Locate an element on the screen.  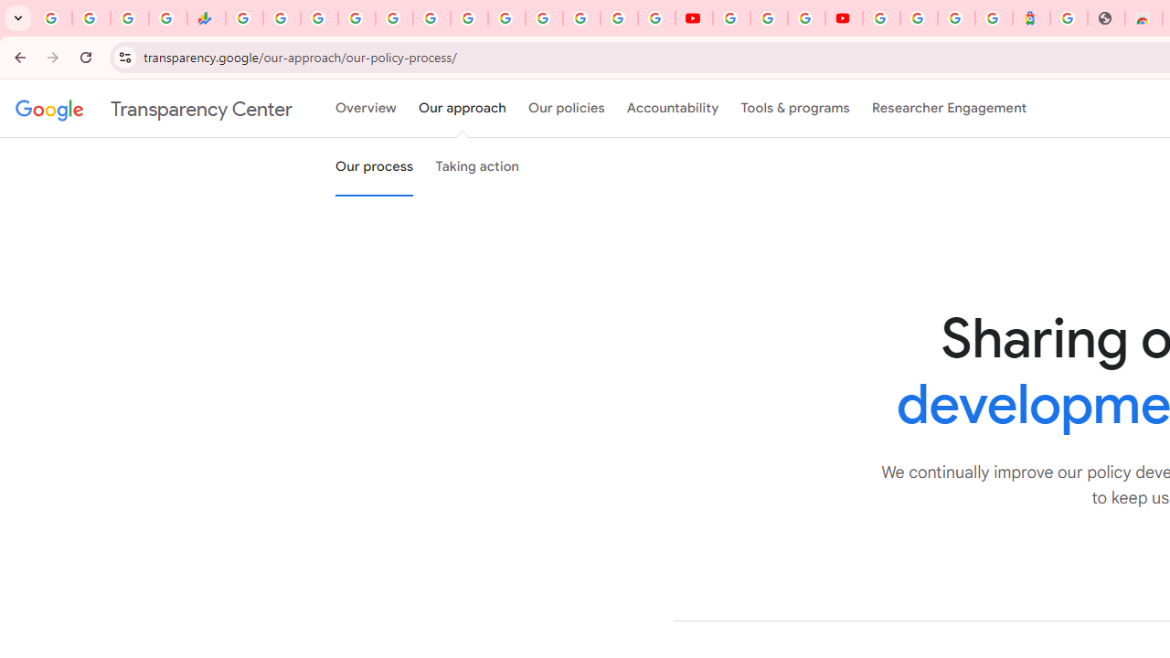
'Sign in - Google Accounts' is located at coordinates (881, 18).